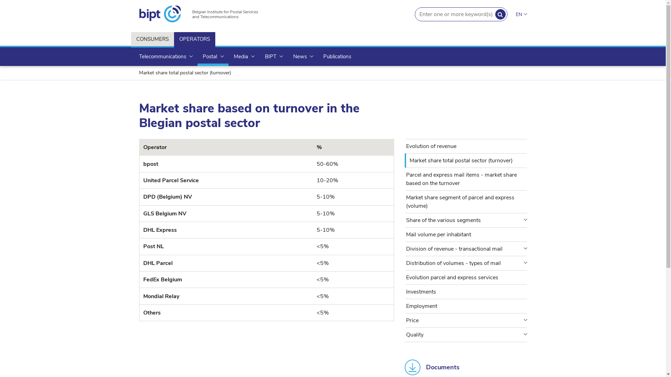 The height and width of the screenshot is (377, 671). What do you see at coordinates (495, 14) in the screenshot?
I see `'search.button'` at bounding box center [495, 14].